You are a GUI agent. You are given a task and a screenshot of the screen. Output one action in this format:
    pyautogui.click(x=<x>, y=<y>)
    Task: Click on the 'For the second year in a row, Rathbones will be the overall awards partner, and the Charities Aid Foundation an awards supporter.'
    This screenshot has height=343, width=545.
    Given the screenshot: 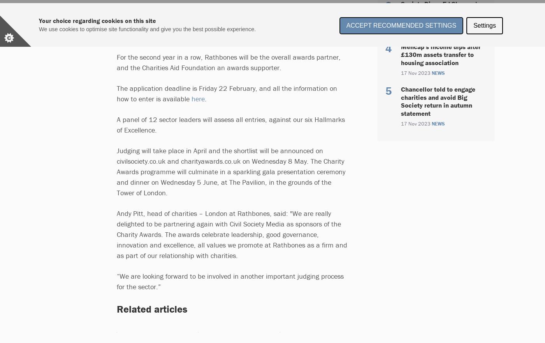 What is the action you would take?
    pyautogui.click(x=229, y=62)
    